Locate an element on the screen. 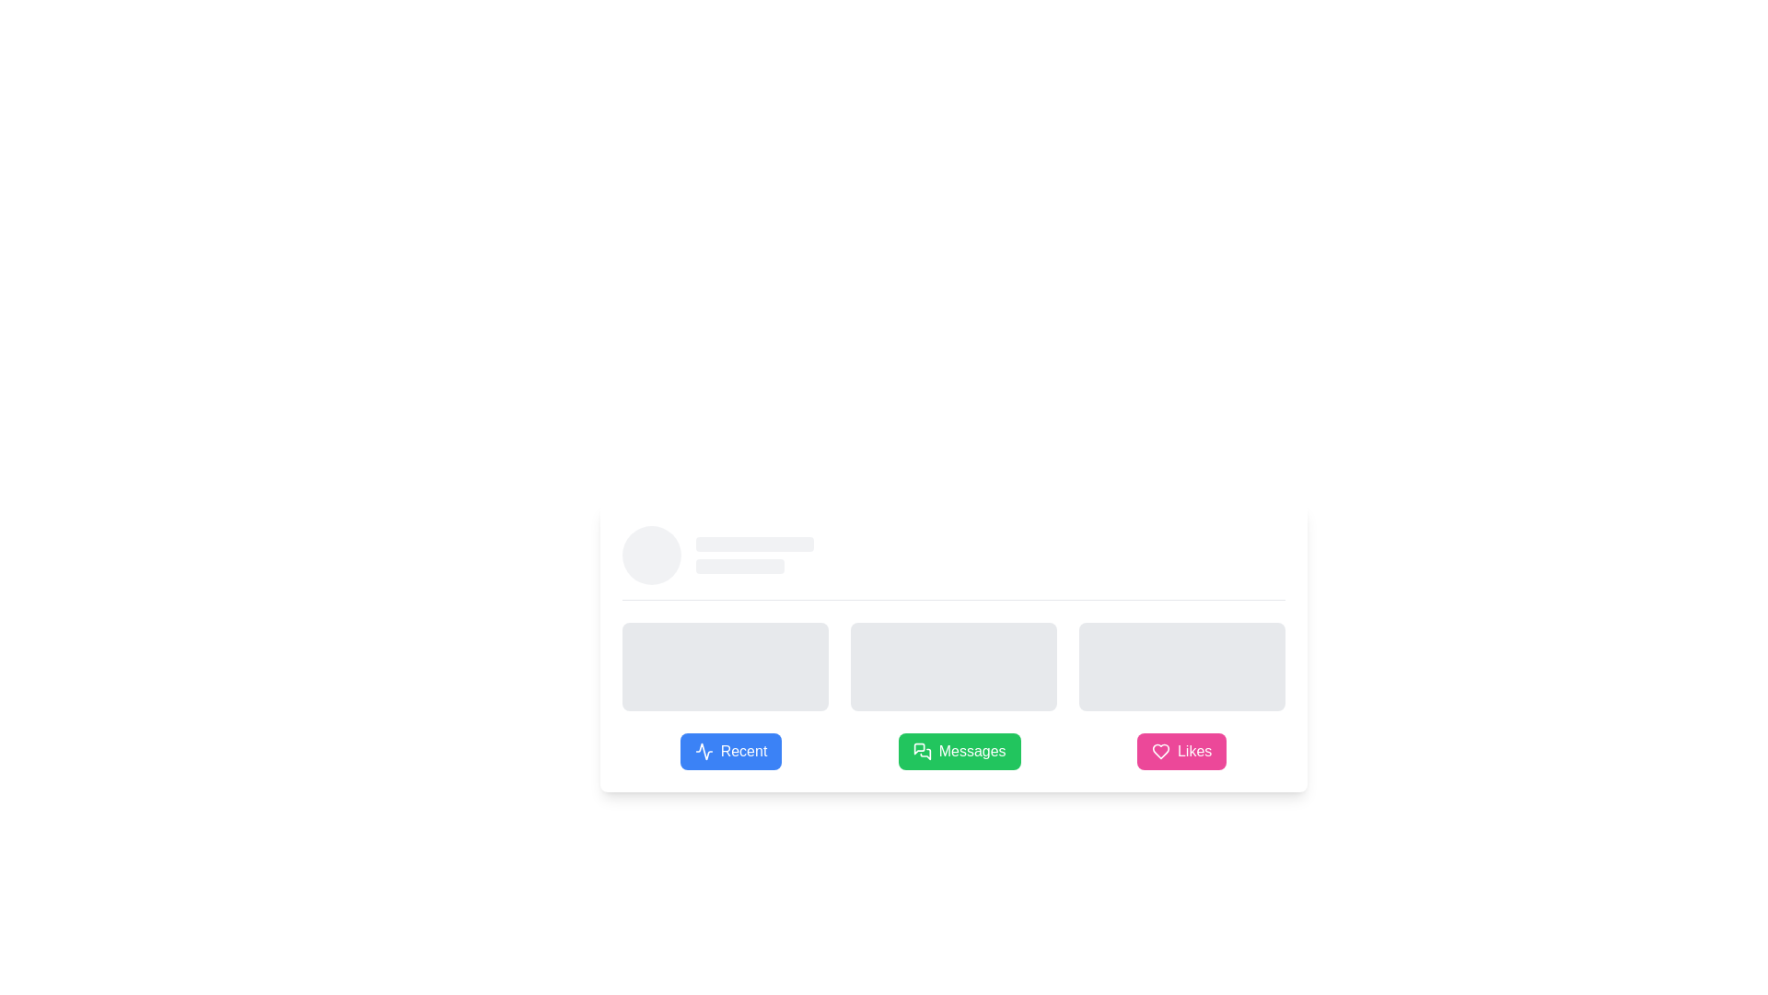 The image size is (1768, 995). the first rectangular placeholder with a light gray background in the grid layout, which is currently indicating a loading state is located at coordinates (724, 667).